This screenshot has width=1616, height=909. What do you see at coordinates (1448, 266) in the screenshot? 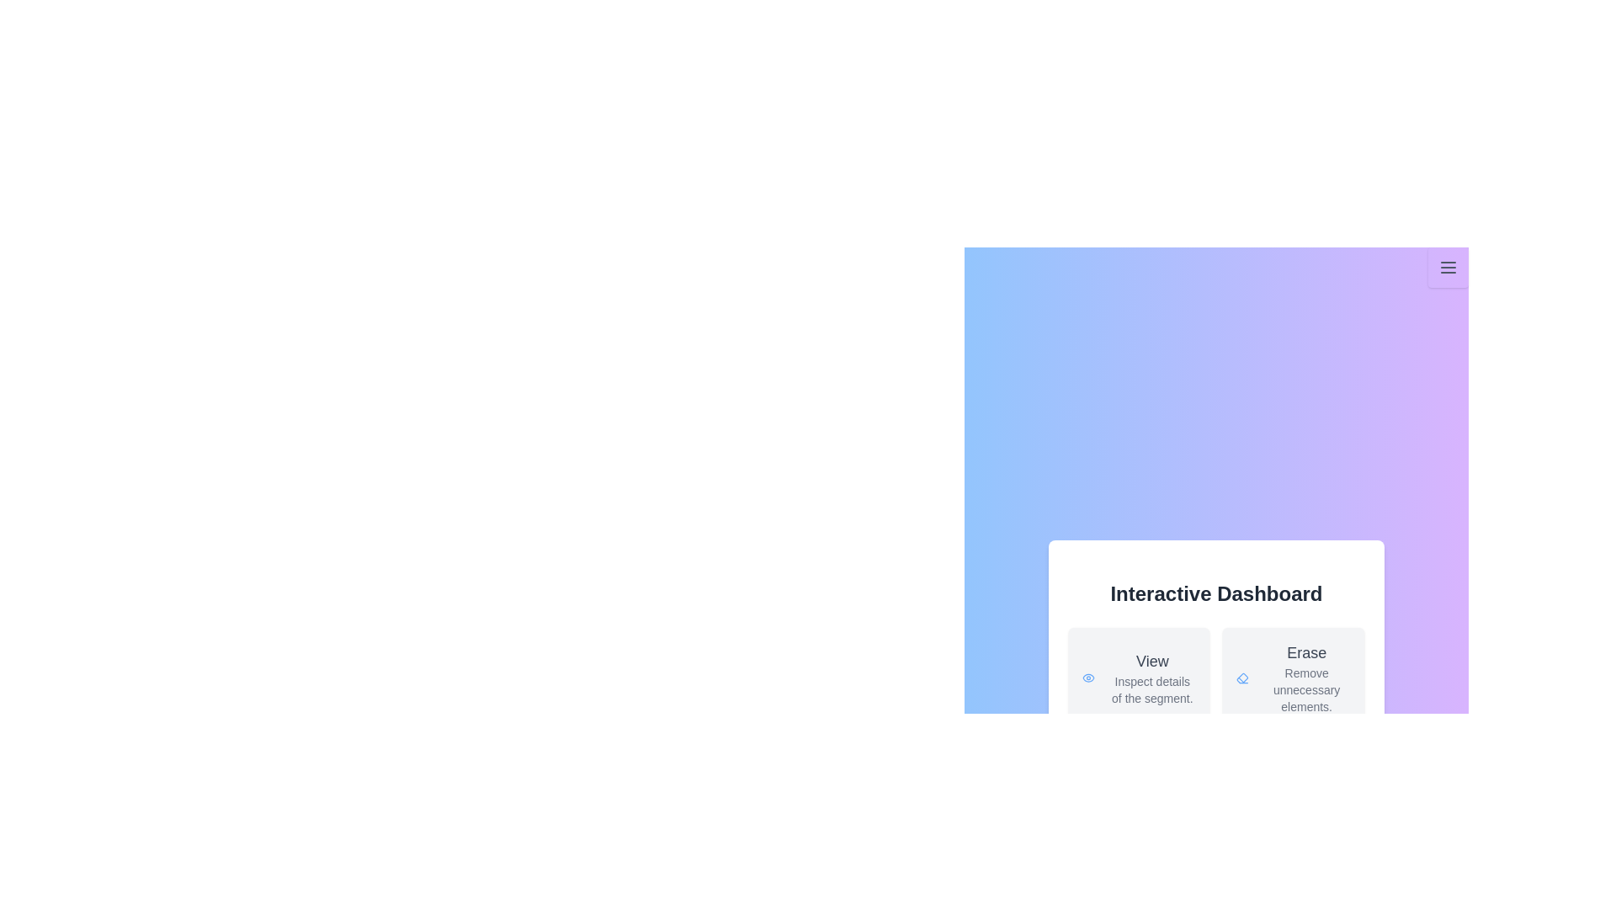
I see `the menu button to toggle the visibility of the menu` at bounding box center [1448, 266].